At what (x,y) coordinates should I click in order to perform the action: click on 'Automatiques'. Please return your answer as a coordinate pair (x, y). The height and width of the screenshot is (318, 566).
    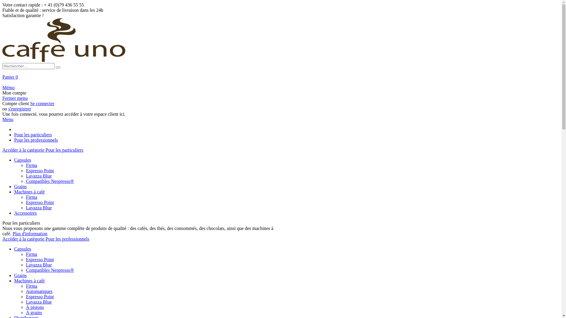
    Looking at the image, I should click on (39, 291).